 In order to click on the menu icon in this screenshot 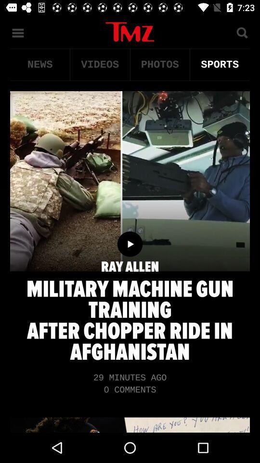, I will do `click(18, 32)`.